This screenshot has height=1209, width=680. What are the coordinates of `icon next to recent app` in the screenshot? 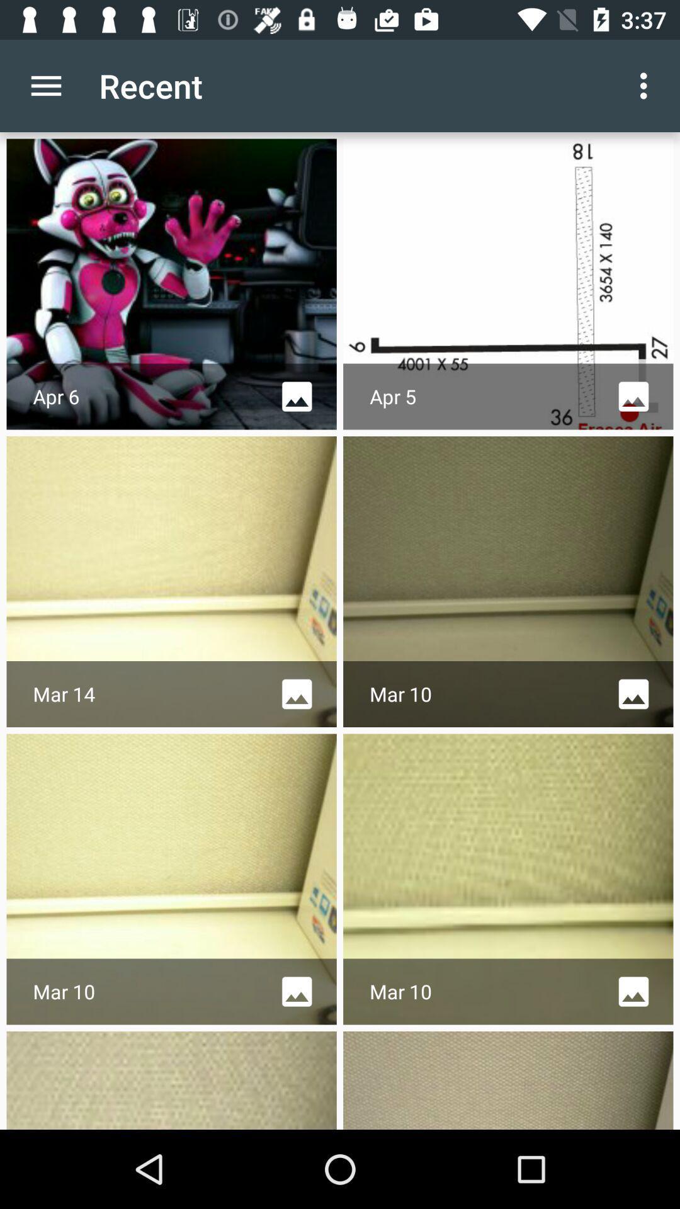 It's located at (647, 85).